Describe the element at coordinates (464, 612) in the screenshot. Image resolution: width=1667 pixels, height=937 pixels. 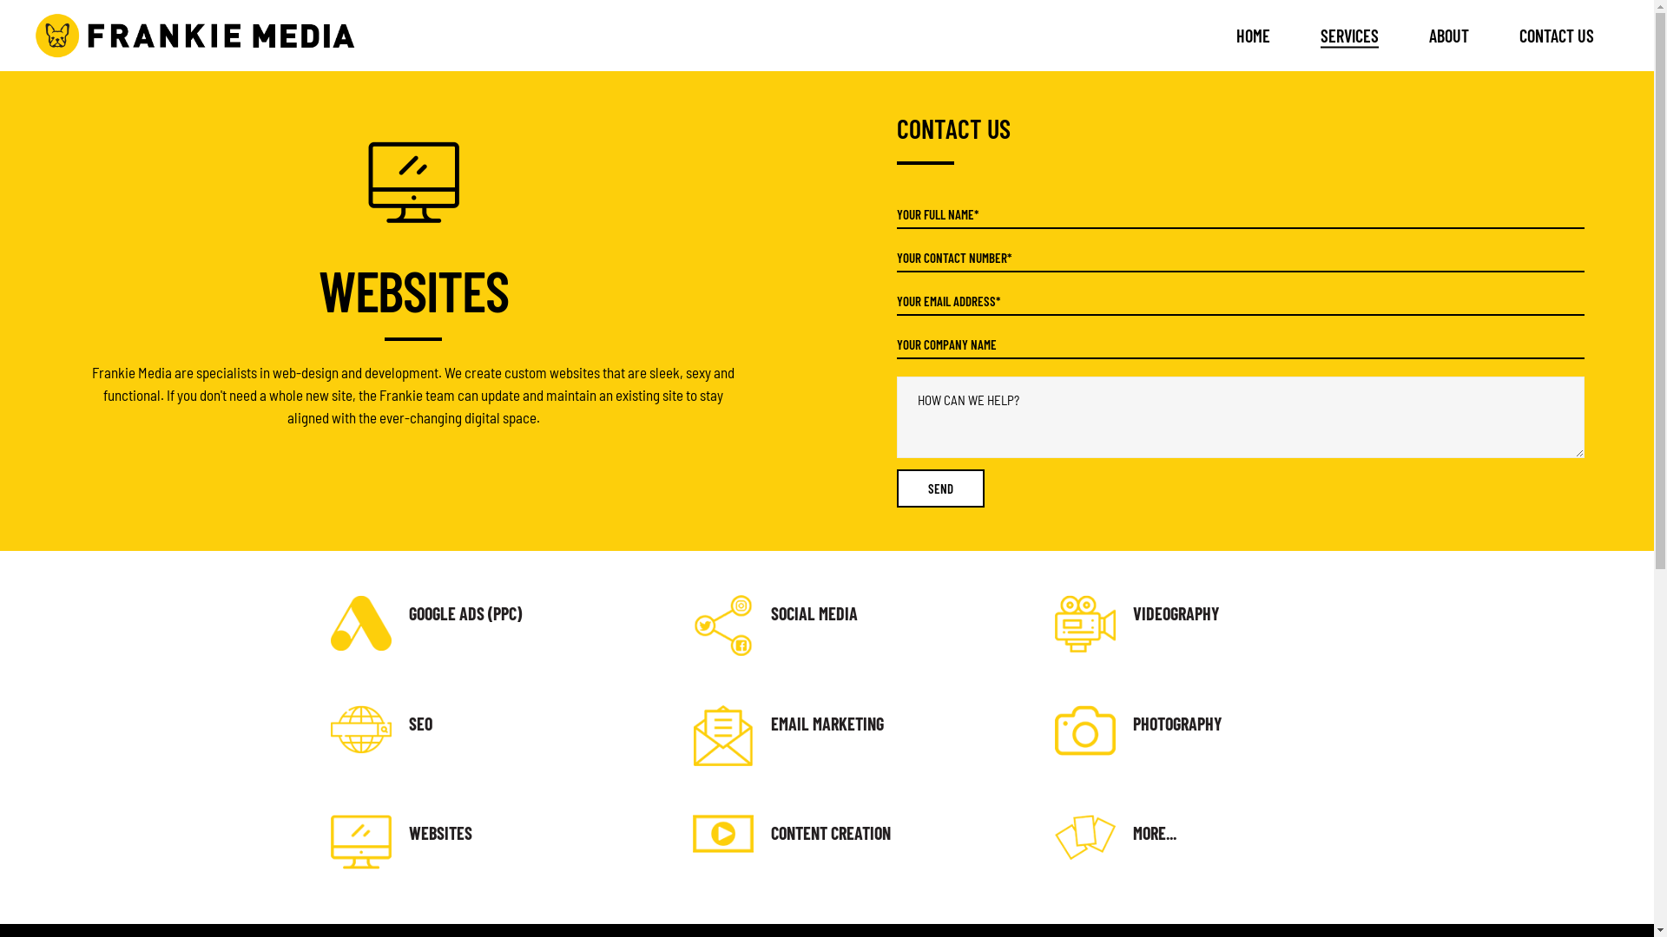
I see `'GOOGLE ADS (PPC)'` at that location.